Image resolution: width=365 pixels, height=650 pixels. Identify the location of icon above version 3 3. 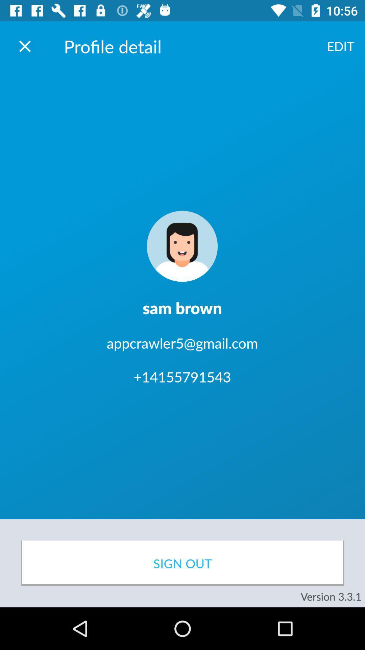
(182, 563).